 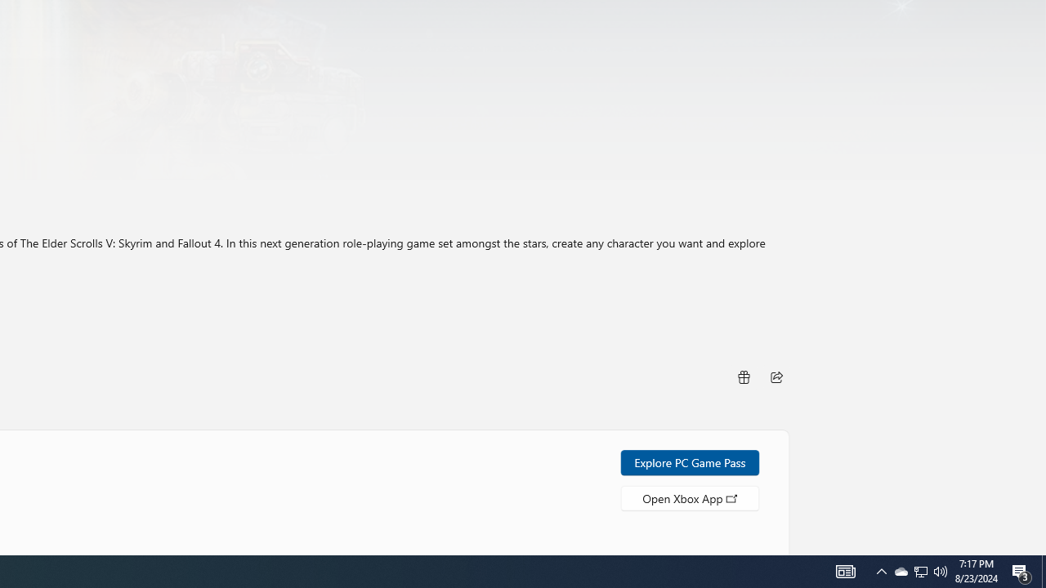 I want to click on 'Share', so click(x=776, y=376).